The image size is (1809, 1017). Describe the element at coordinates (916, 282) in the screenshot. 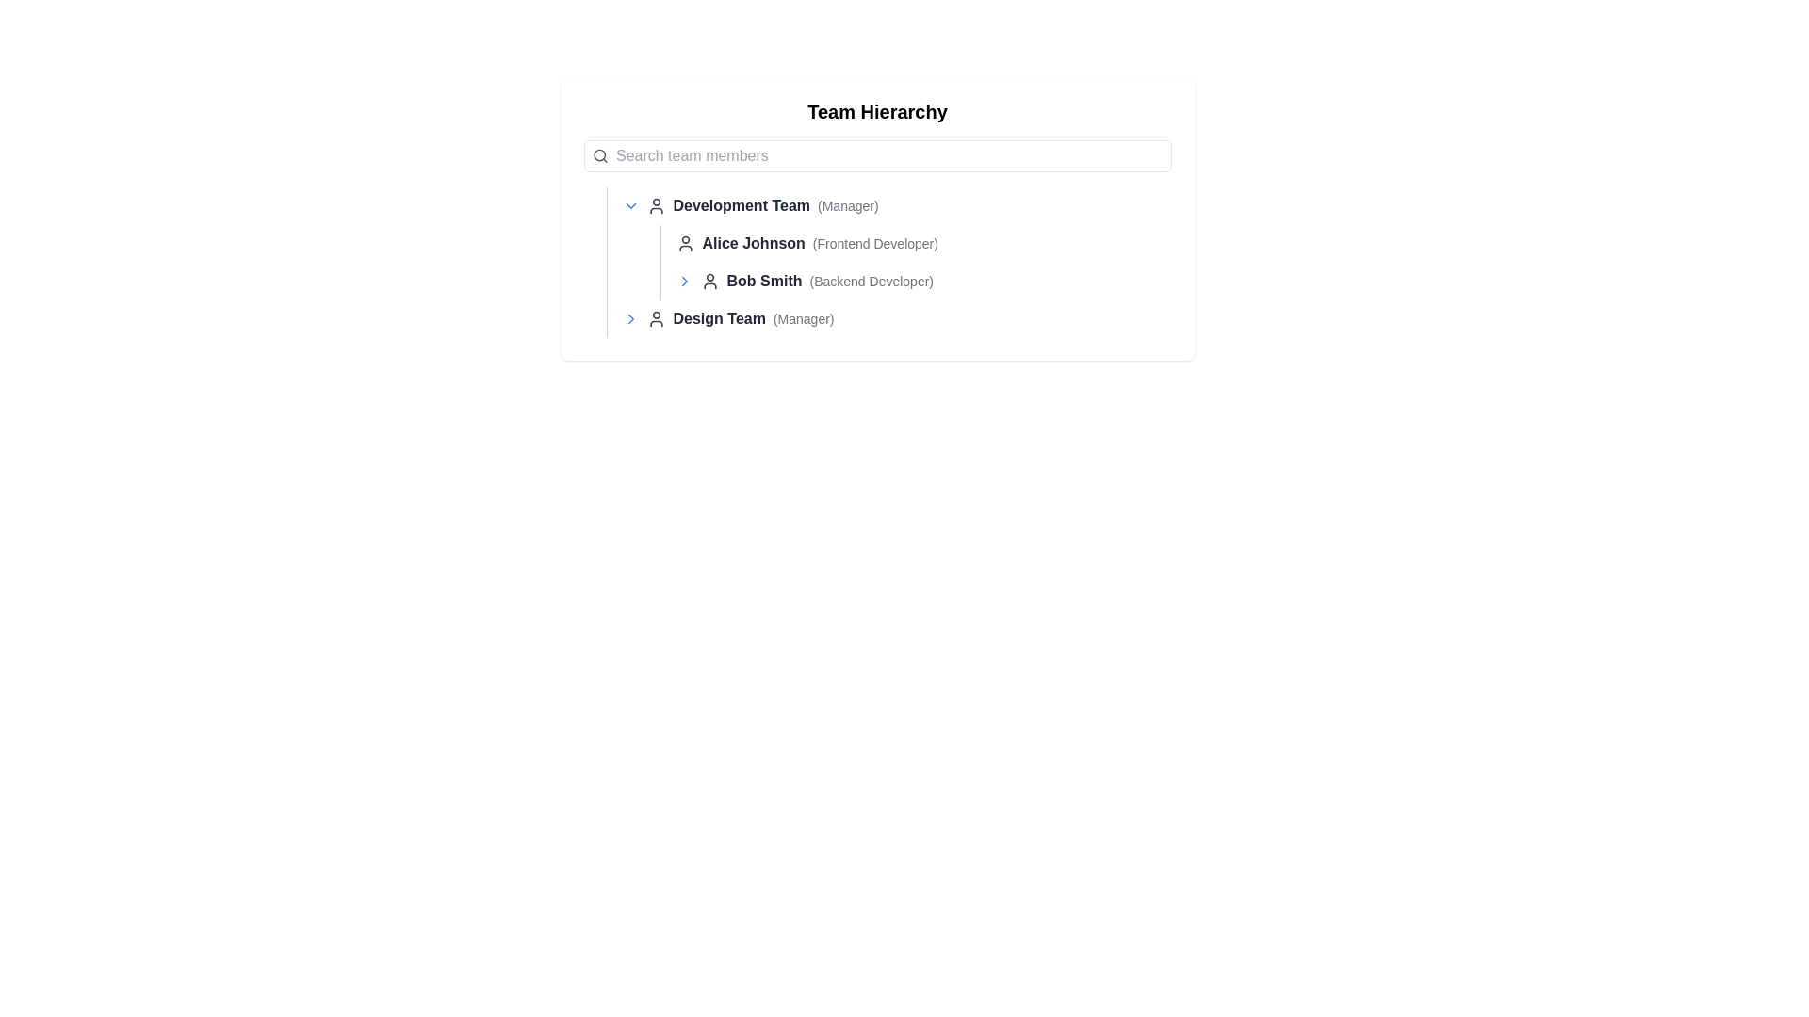

I see `the second entry in the 'Development Team' section, which represents a team member` at that location.